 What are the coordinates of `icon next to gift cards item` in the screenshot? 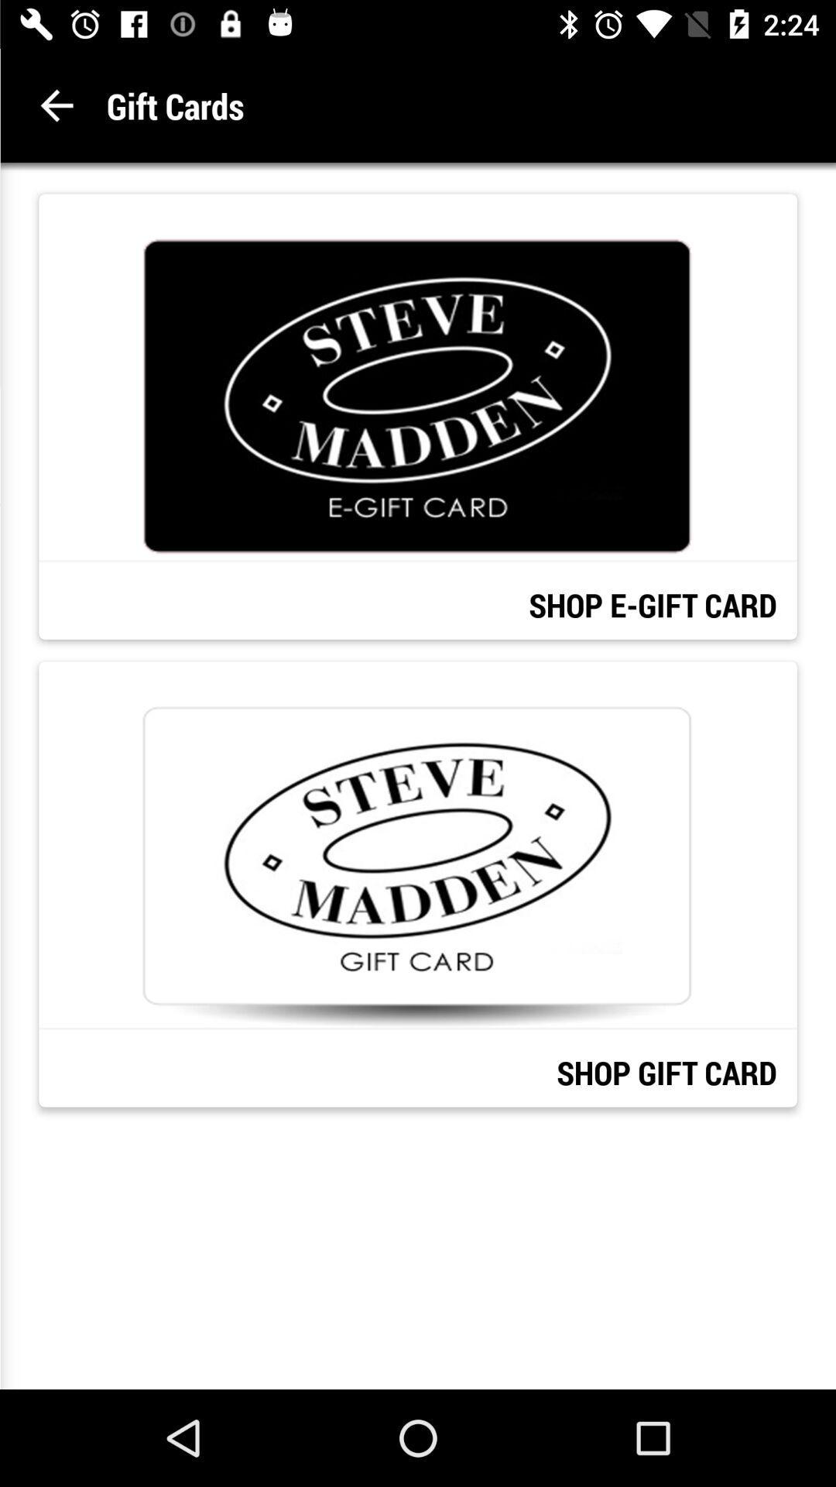 It's located at (56, 105).